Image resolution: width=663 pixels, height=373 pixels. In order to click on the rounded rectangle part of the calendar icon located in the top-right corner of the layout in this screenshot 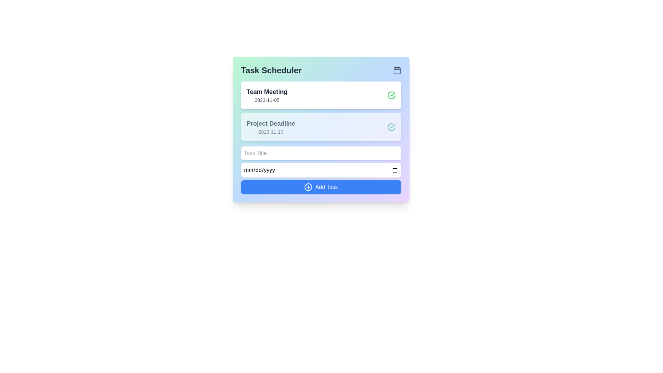, I will do `click(397, 70)`.